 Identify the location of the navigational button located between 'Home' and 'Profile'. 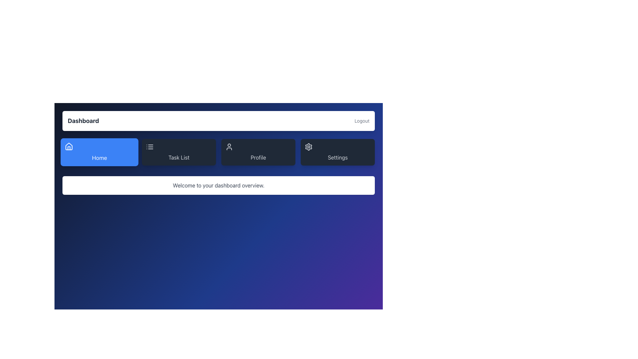
(179, 152).